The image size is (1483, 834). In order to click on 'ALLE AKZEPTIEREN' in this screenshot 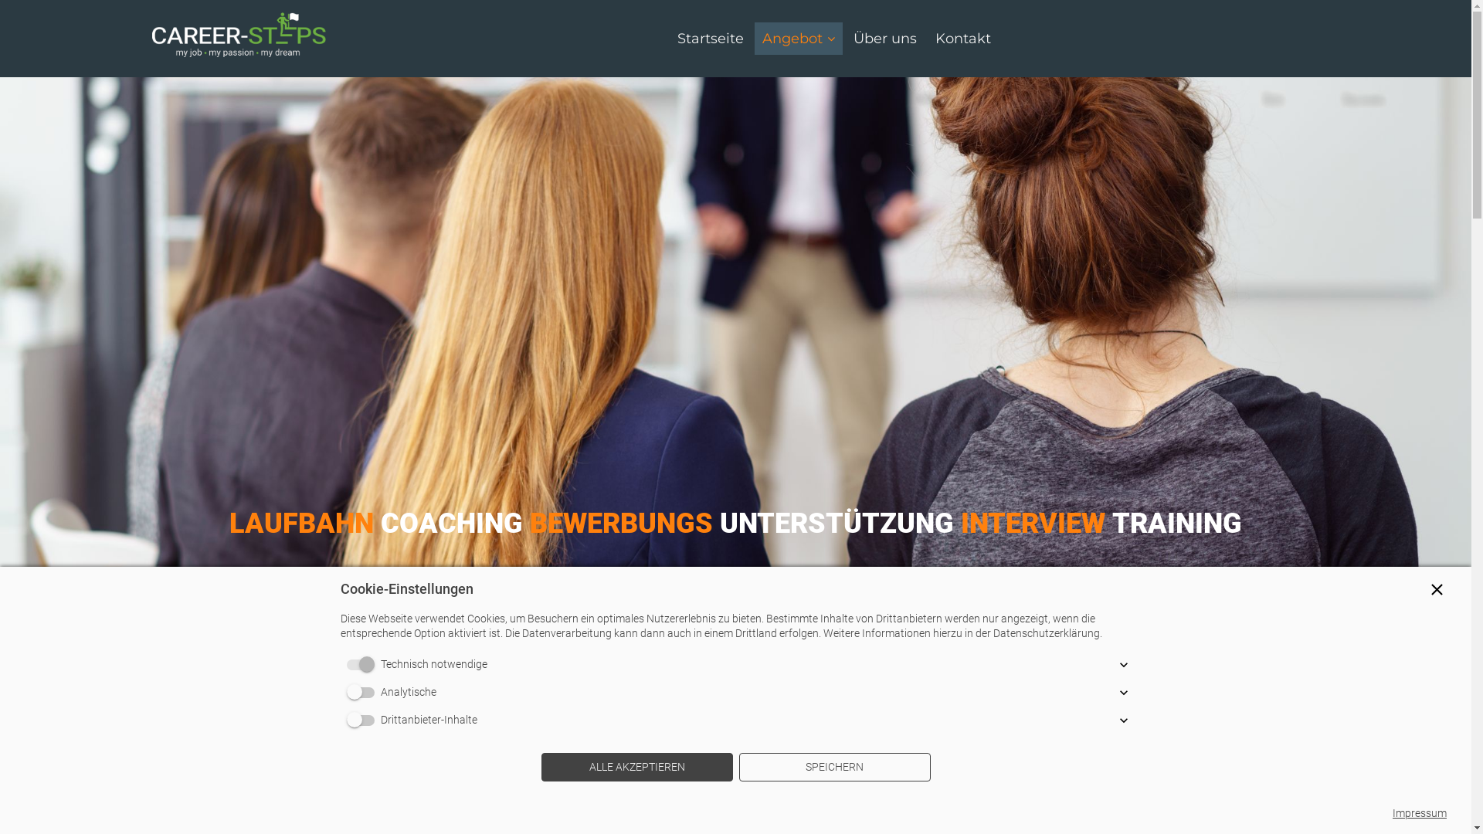, I will do `click(636, 768)`.